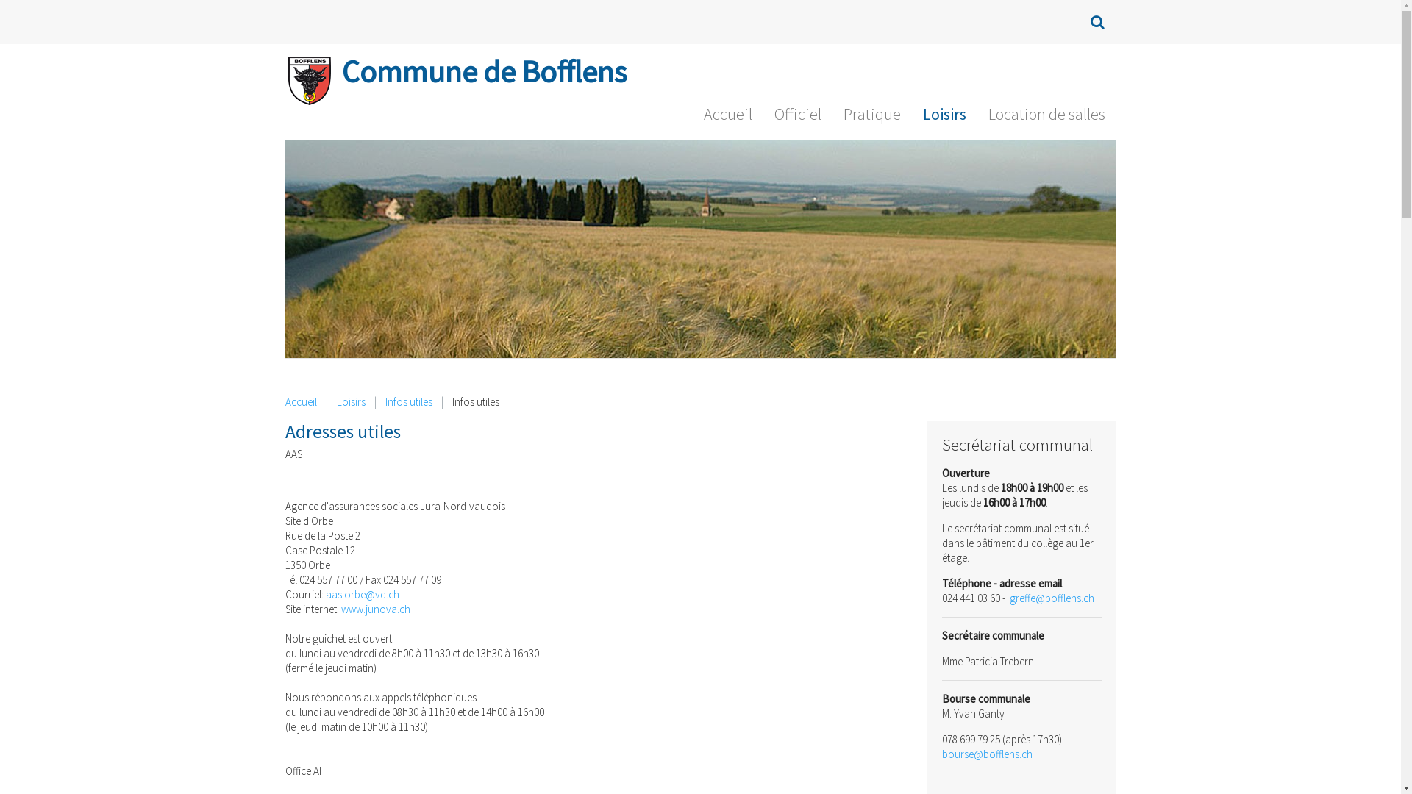  Describe the element at coordinates (796, 116) in the screenshot. I see `'Officiel'` at that location.